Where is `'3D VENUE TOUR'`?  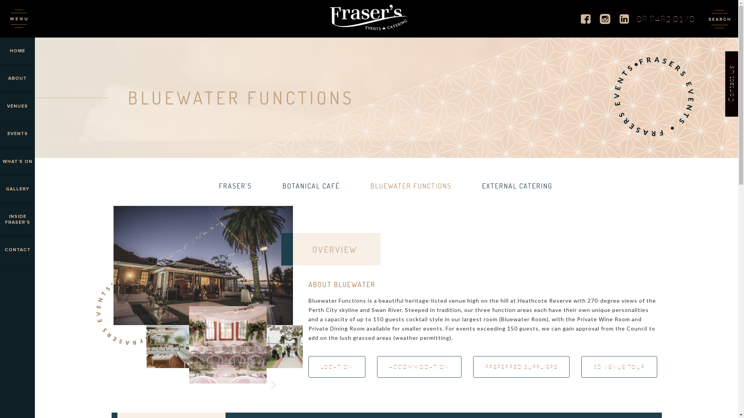 '3D VENUE TOUR' is located at coordinates (619, 367).